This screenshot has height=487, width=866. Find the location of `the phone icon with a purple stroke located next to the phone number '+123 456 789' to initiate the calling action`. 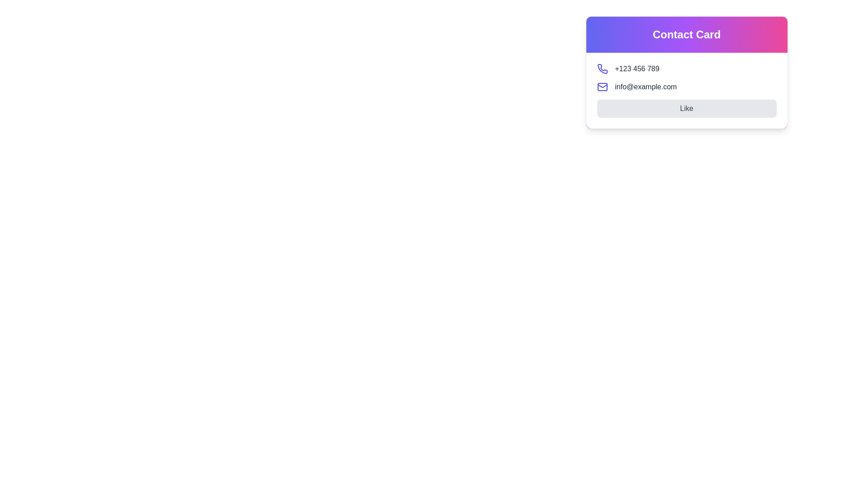

the phone icon with a purple stroke located next to the phone number '+123 456 789' to initiate the calling action is located at coordinates (602, 69).